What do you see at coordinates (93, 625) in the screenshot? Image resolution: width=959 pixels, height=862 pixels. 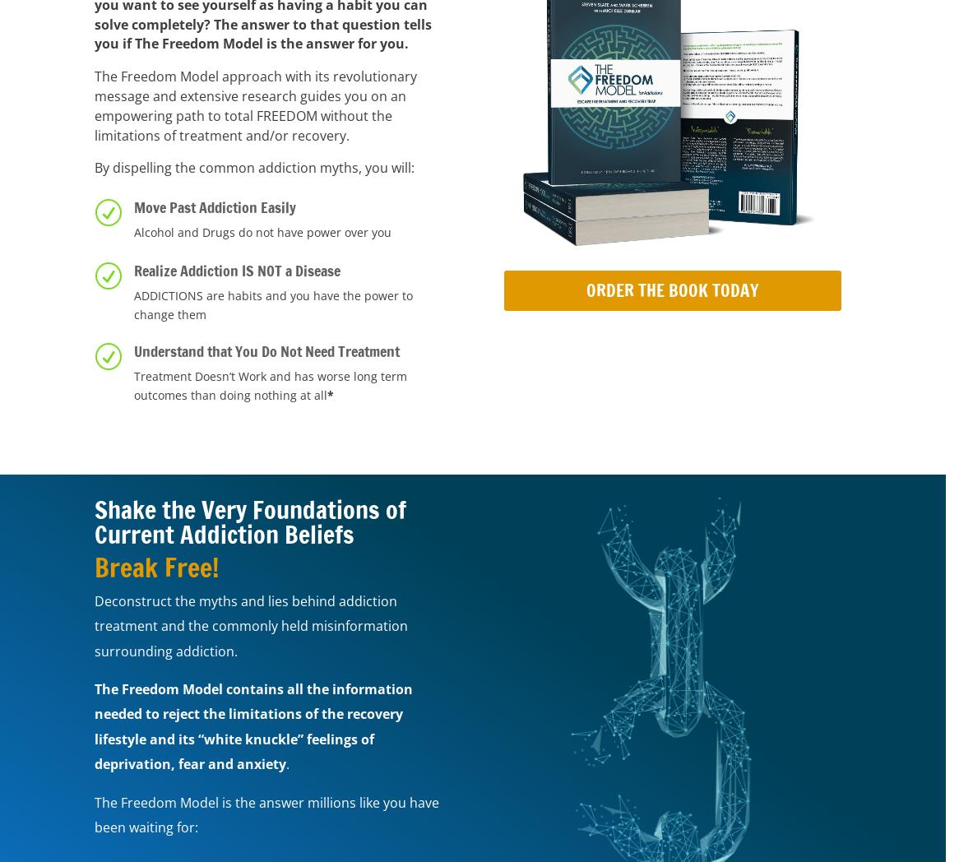 I see `'Deconstruct the myths and lies behind addiction treatment and the commonly held misinformation surrounding addiction.'` at bounding box center [93, 625].